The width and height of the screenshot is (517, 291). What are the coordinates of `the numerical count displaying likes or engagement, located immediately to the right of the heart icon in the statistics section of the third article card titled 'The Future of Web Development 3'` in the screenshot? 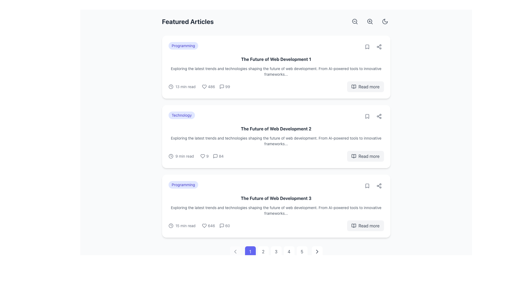 It's located at (211, 226).